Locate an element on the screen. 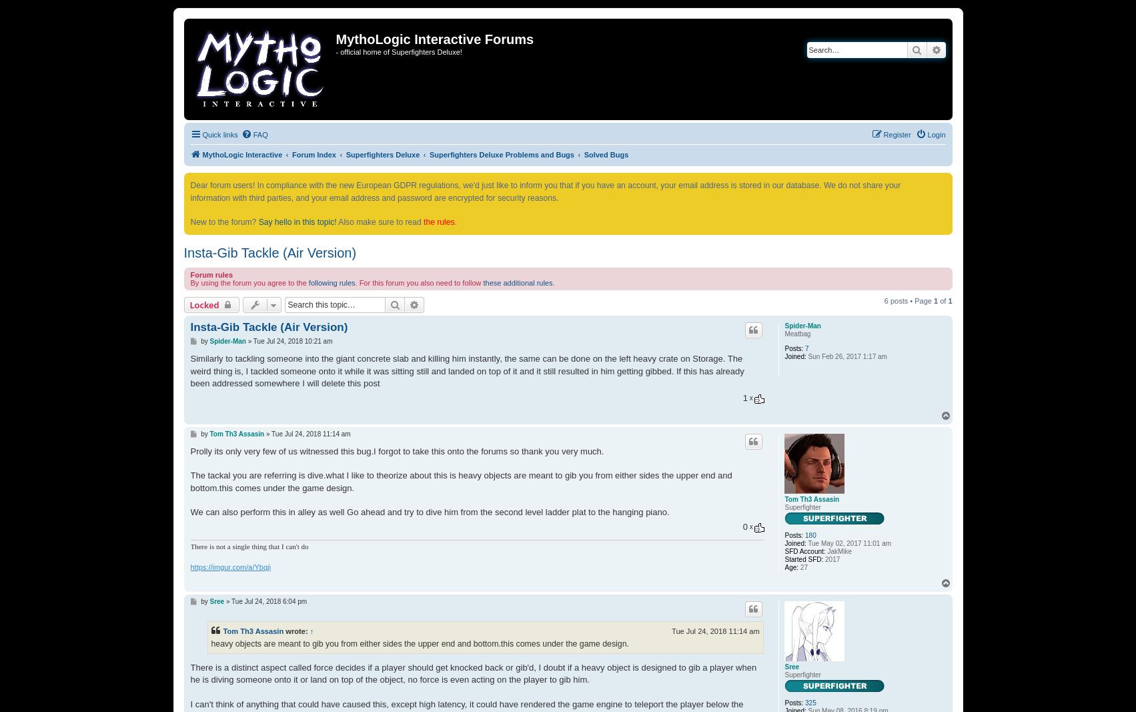  'Similarly to tackling someone into the giant concrete slab and killing him instantly, the same can be done on the left heavy crate on Storage. The weird thing is, I tackled someone onto it while it was sitting still and landed on top of it and it still resulted in him getting gibbed. If this has already been addressed somewhere I will delete this post' is located at coordinates (189, 370).